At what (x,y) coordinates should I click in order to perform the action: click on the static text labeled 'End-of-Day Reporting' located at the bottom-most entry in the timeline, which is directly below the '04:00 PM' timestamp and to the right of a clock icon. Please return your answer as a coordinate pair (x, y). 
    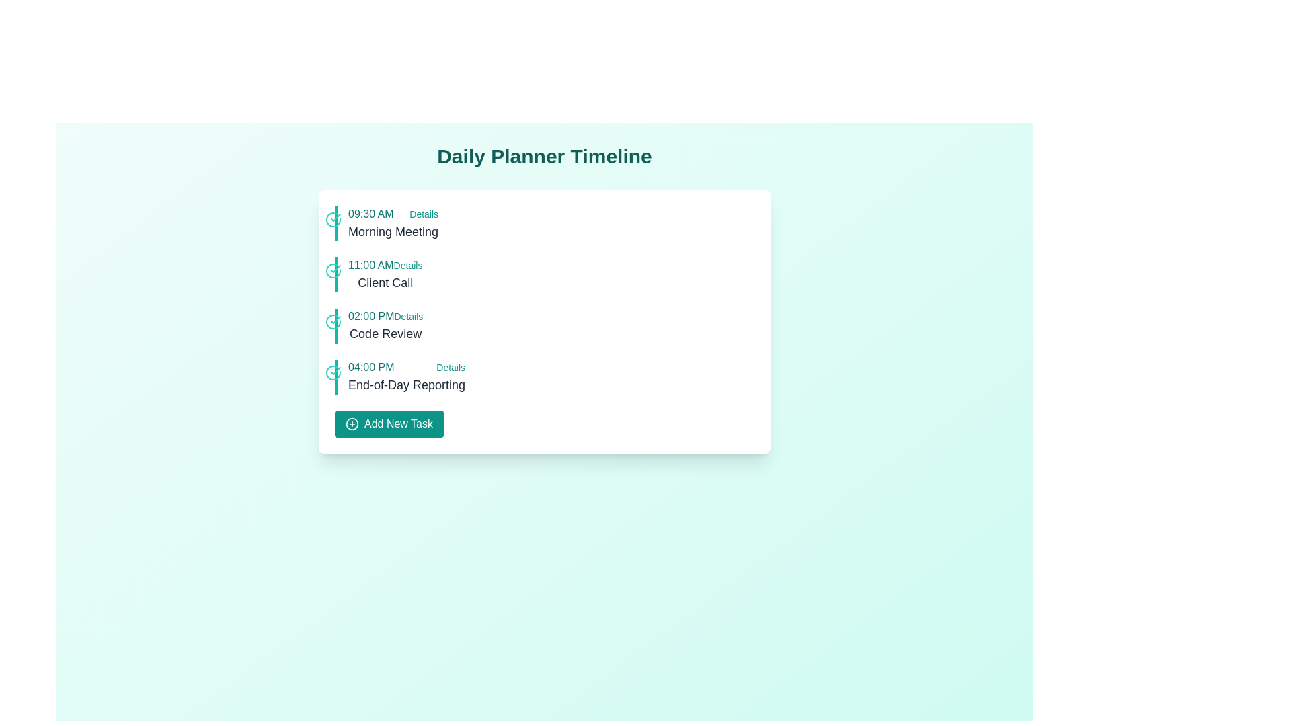
    Looking at the image, I should click on (405, 385).